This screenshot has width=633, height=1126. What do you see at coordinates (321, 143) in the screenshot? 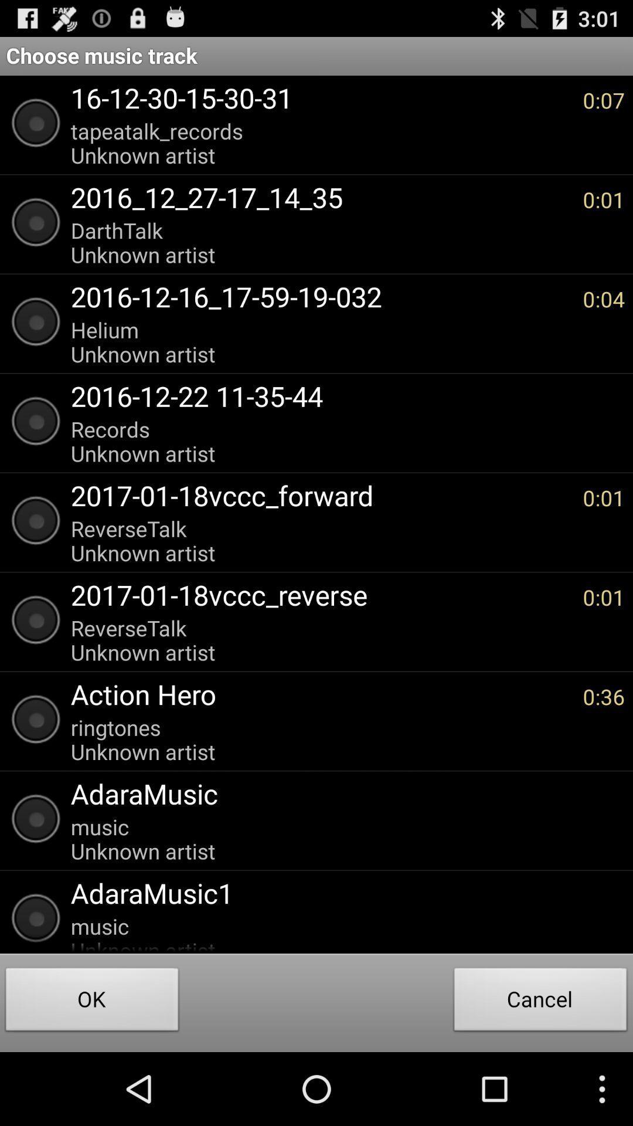
I see `item to the left of the 0:07 item` at bounding box center [321, 143].